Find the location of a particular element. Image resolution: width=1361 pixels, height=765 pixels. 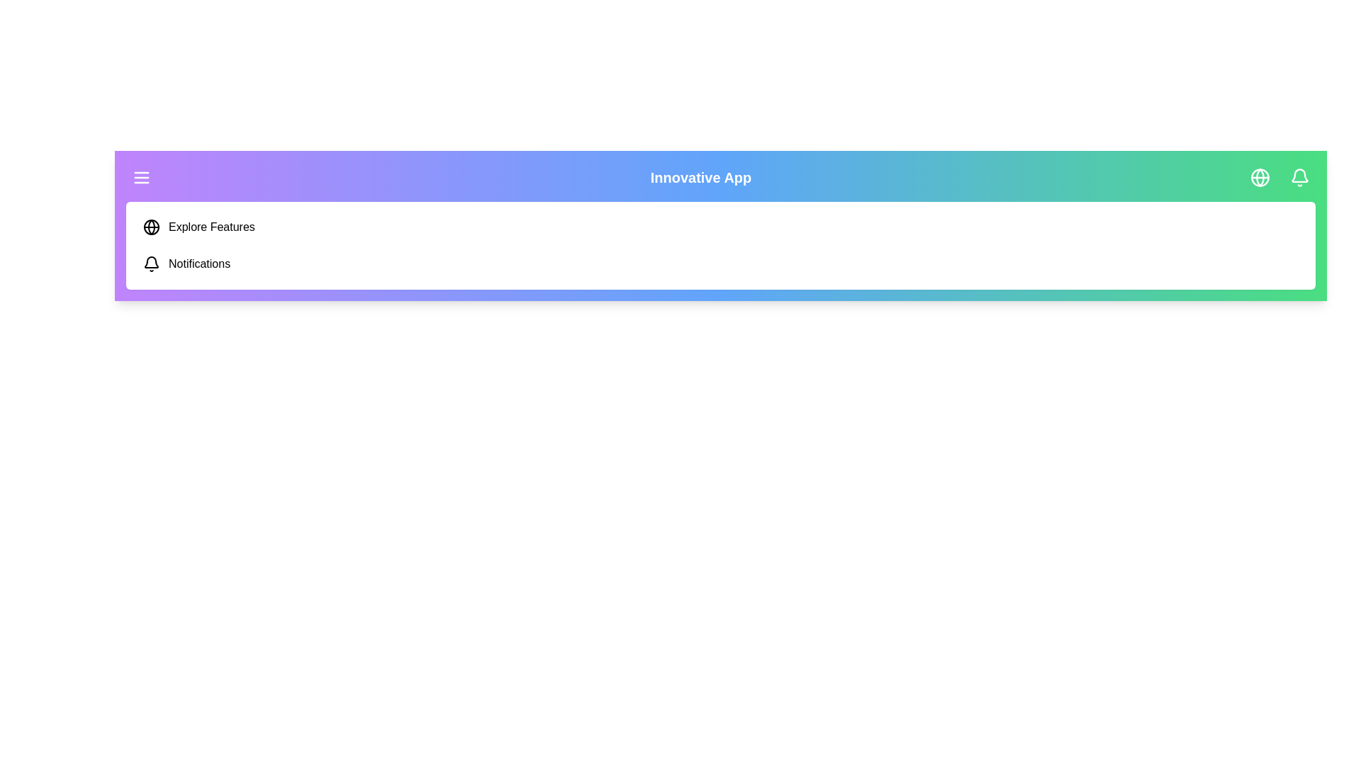

the menu_button to observe its hover effect is located at coordinates (142, 176).